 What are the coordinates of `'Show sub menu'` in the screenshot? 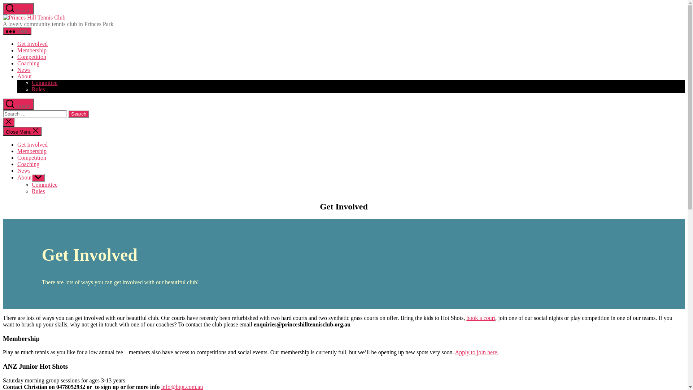 It's located at (38, 178).